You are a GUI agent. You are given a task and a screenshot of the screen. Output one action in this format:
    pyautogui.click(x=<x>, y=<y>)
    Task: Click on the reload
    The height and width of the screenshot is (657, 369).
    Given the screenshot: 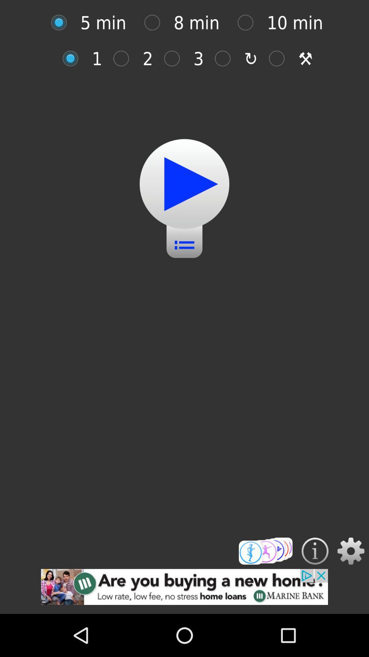 What is the action you would take?
    pyautogui.click(x=226, y=59)
    